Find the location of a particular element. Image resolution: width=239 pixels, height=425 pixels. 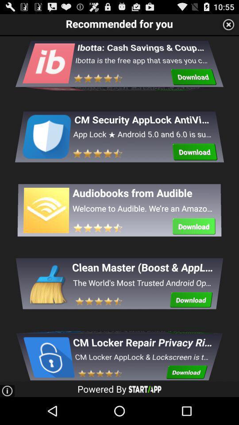

the close icon is located at coordinates (228, 26).